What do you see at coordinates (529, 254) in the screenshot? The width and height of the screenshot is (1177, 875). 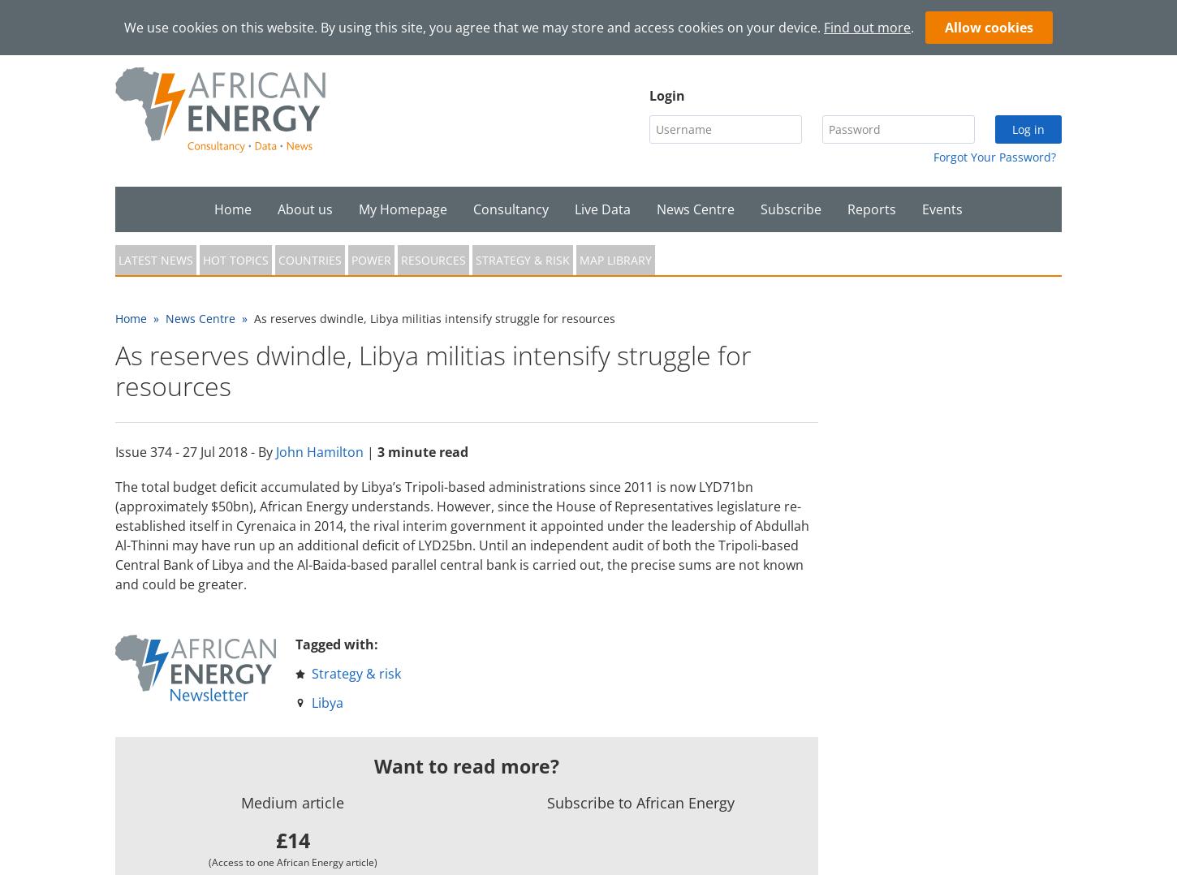 I see `'Market intelligence'` at bounding box center [529, 254].